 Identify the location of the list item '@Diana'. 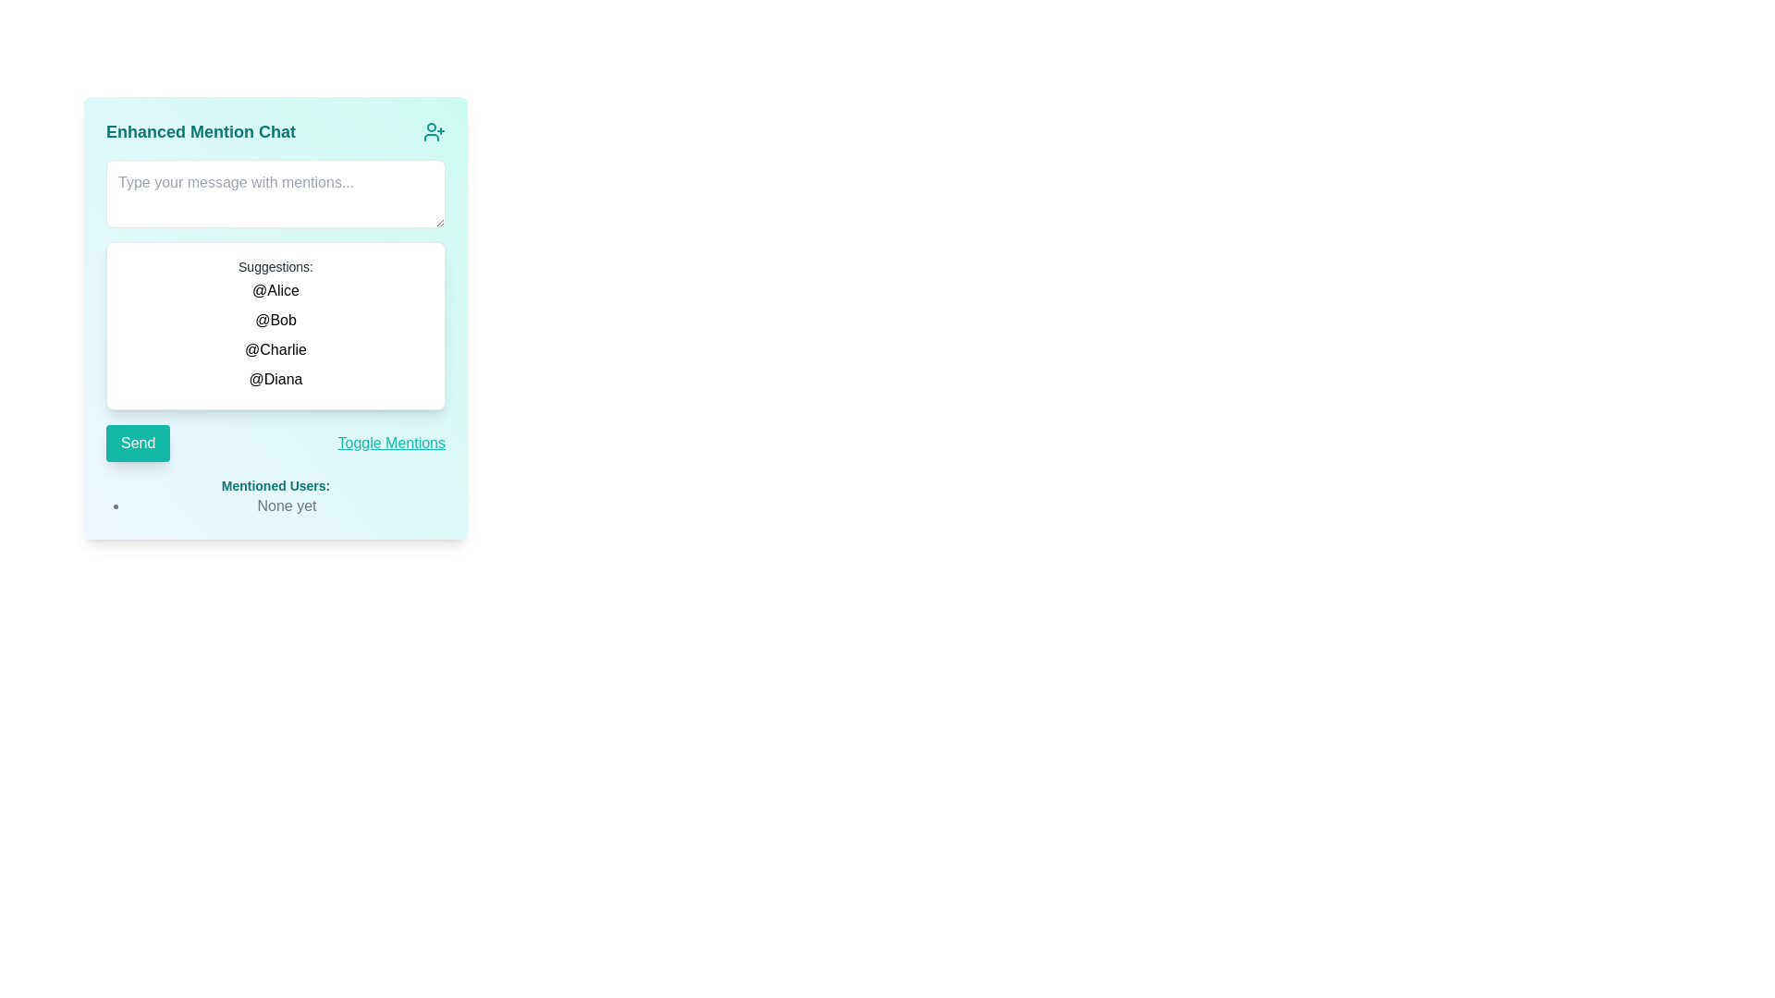
(275, 379).